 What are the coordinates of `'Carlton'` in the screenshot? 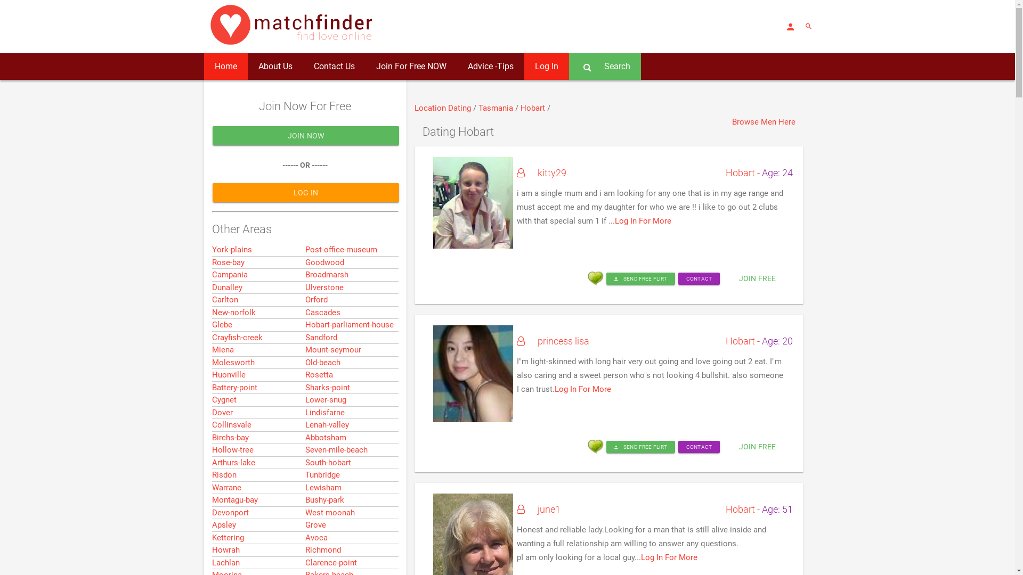 It's located at (224, 300).